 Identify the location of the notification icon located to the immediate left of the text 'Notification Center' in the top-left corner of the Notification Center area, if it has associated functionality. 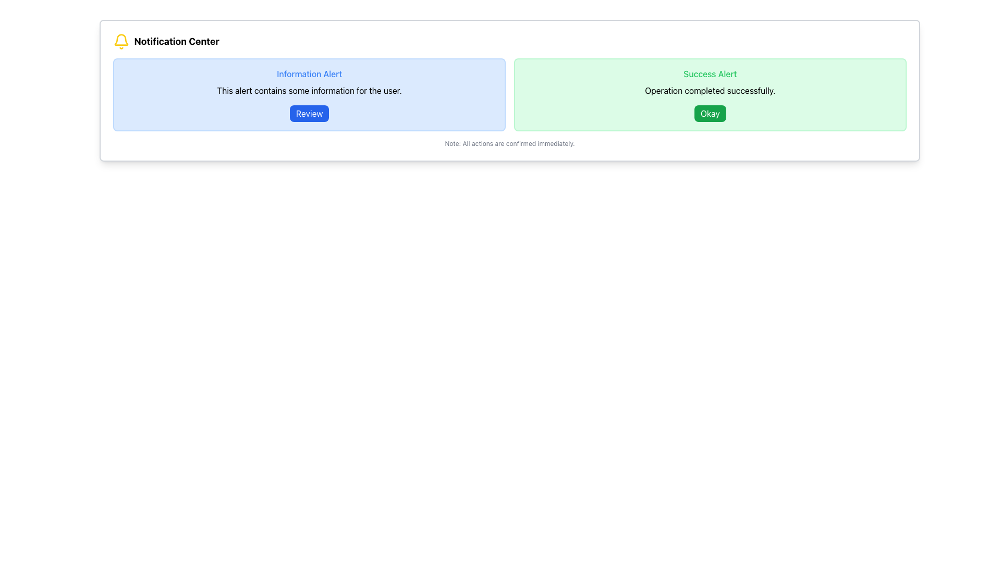
(121, 41).